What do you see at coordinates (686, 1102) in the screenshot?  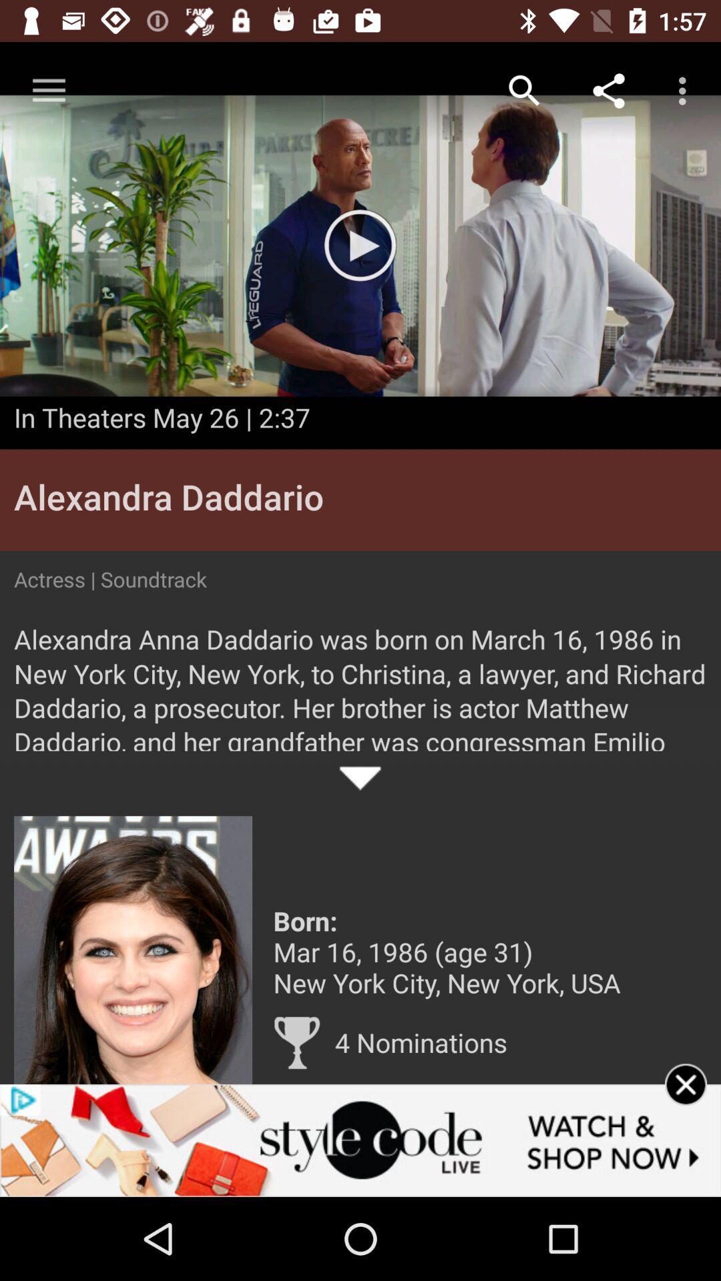 I see `the advertisement popup` at bounding box center [686, 1102].